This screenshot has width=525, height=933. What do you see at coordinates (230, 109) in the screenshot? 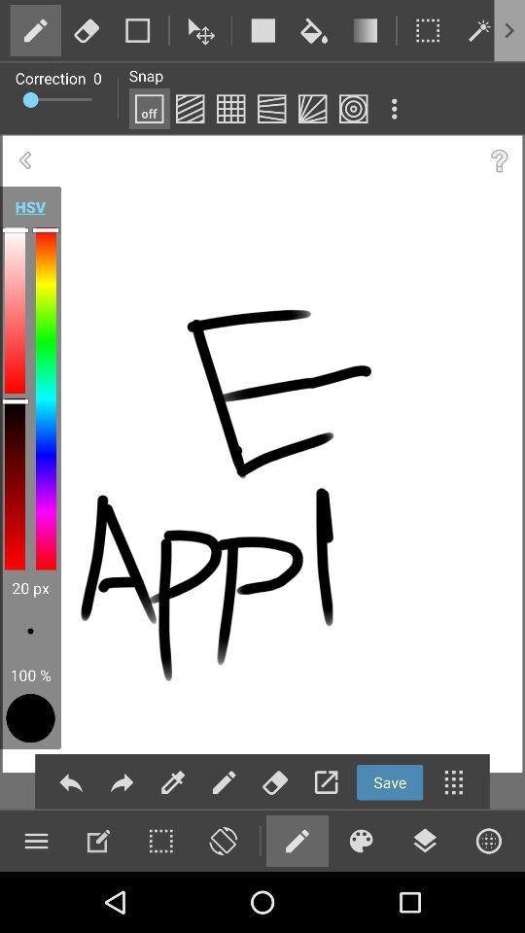
I see `paint button` at bounding box center [230, 109].